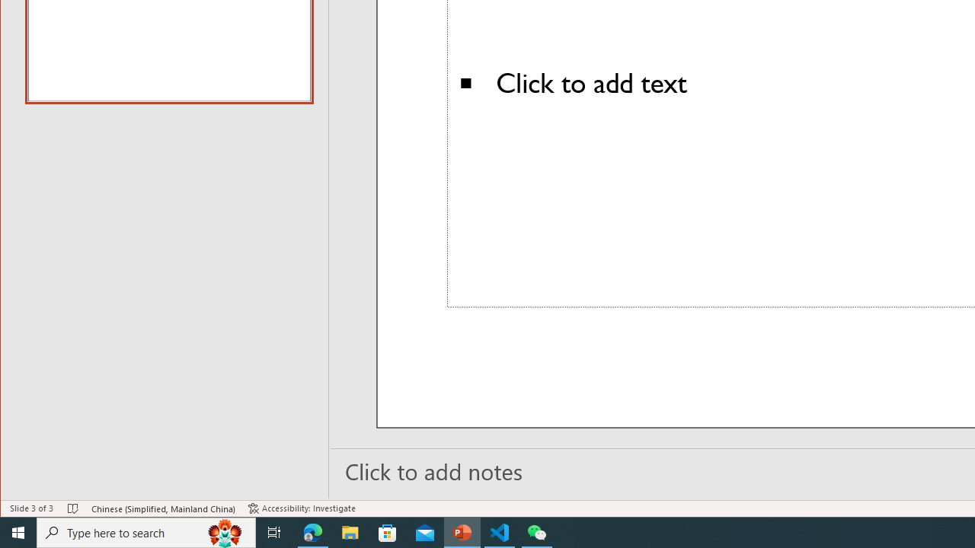  What do you see at coordinates (388, 531) in the screenshot?
I see `'Microsoft Store'` at bounding box center [388, 531].